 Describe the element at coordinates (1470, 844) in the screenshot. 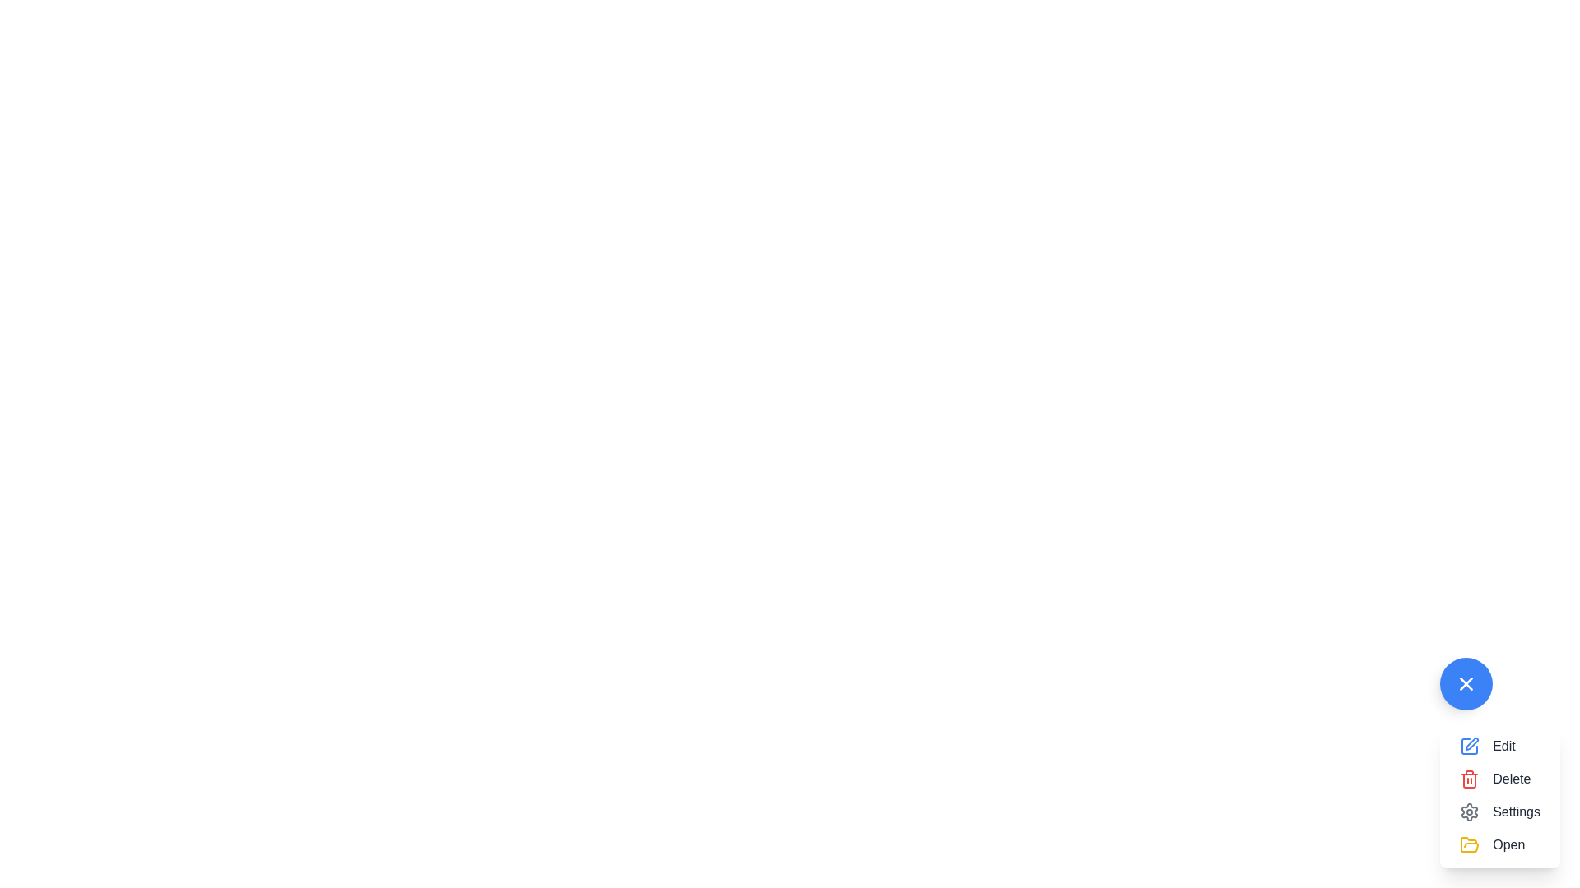

I see `the yellow minimalistic folder icon located near the bottom-right corner of the interface, above the menu options` at that location.